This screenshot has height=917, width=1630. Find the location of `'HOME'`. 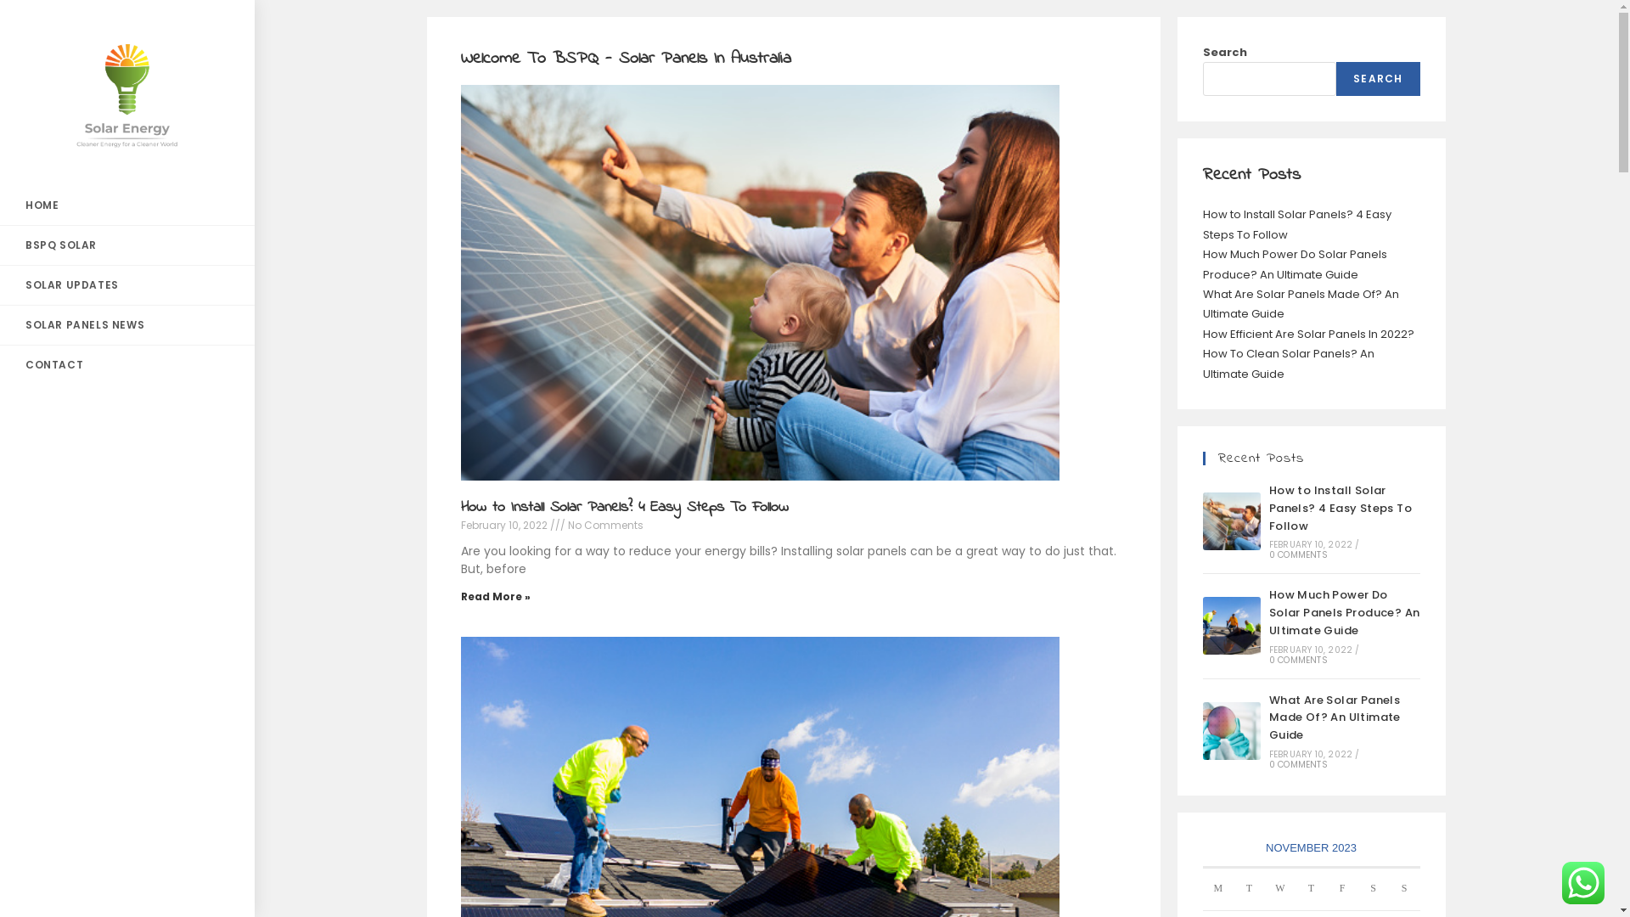

'HOME' is located at coordinates (126, 205).